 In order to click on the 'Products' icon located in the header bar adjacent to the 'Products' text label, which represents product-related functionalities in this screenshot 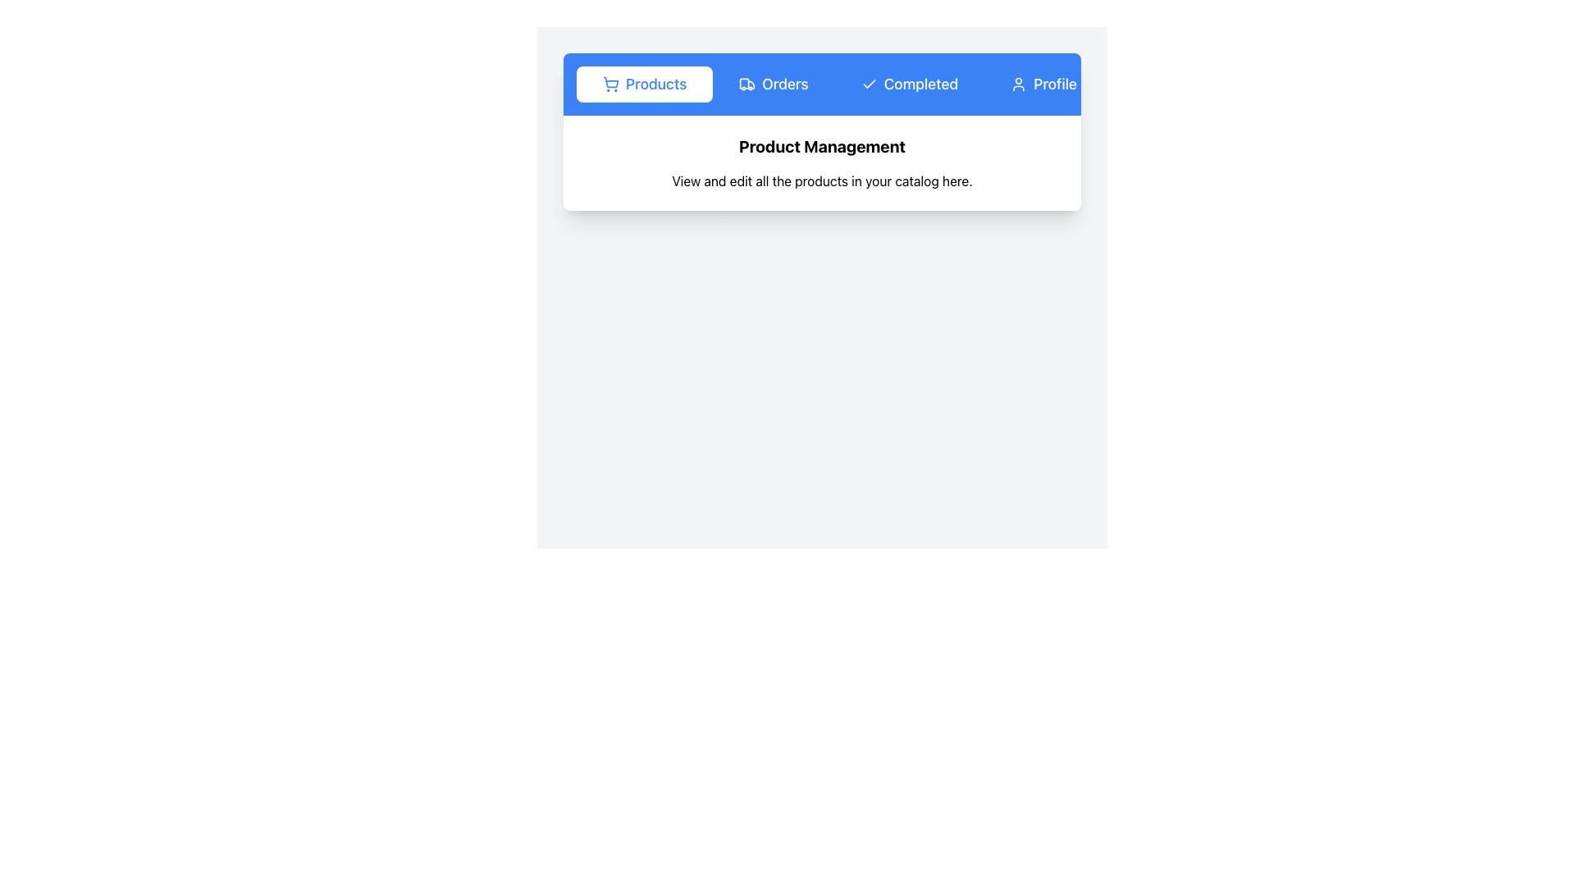, I will do `click(609, 84)`.